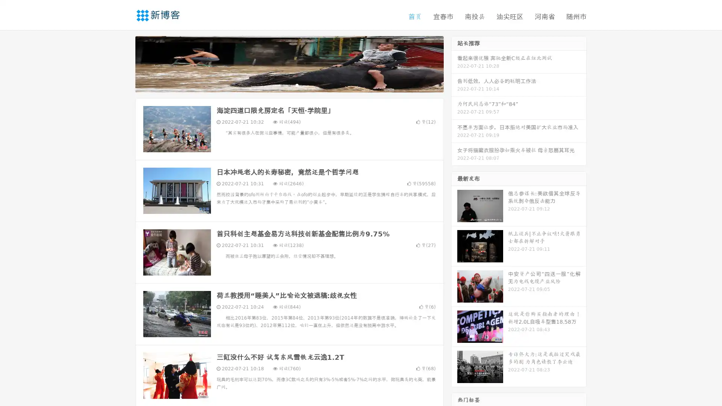  I want to click on Previous slide, so click(124, 63).